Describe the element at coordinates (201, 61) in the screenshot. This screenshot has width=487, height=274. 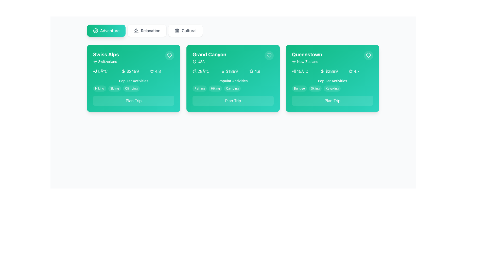
I see `text label displaying 'USA' located next to the location pin icon in the Grand Canyon card` at that location.